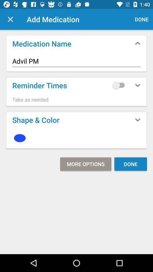 Image resolution: width=153 pixels, height=272 pixels. I want to click on item above the more options item, so click(76, 138).